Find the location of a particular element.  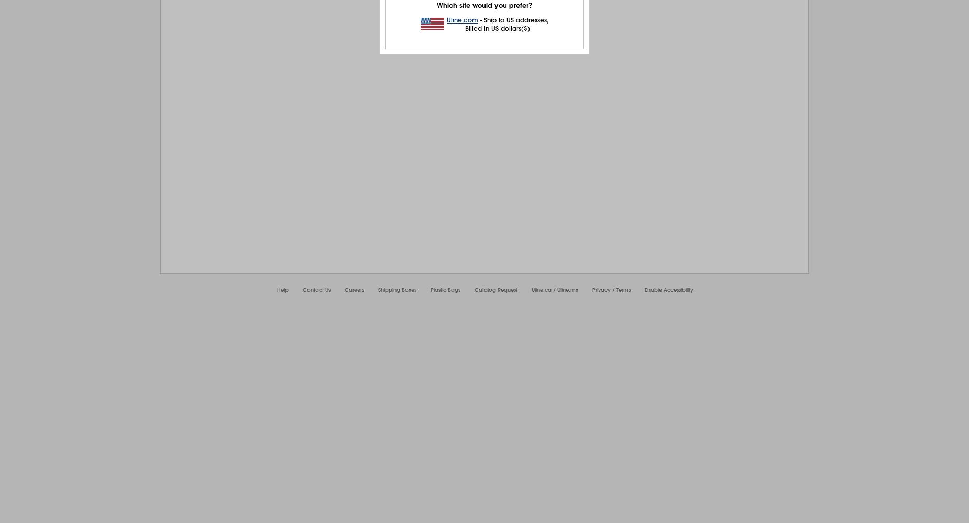

'Shipping Boxes' is located at coordinates (397, 290).